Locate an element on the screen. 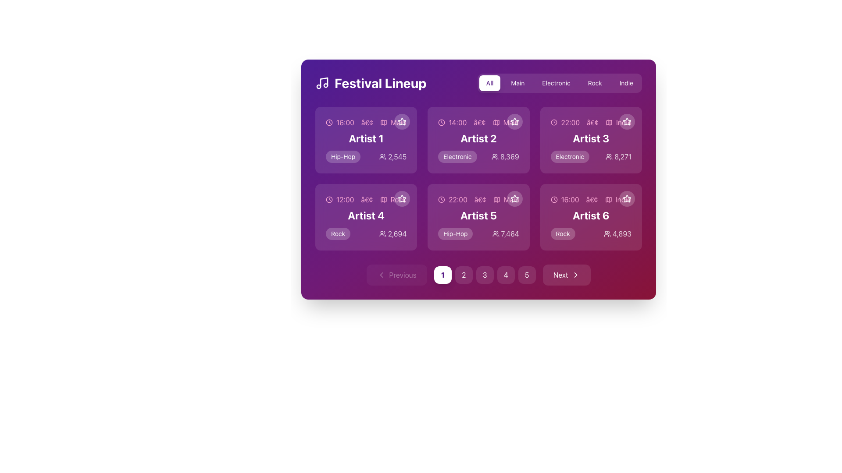 This screenshot has height=473, width=842. the genre label located below the artist title in the sixth artist's section to interact with the associated metadata or genre information is located at coordinates (563, 233).